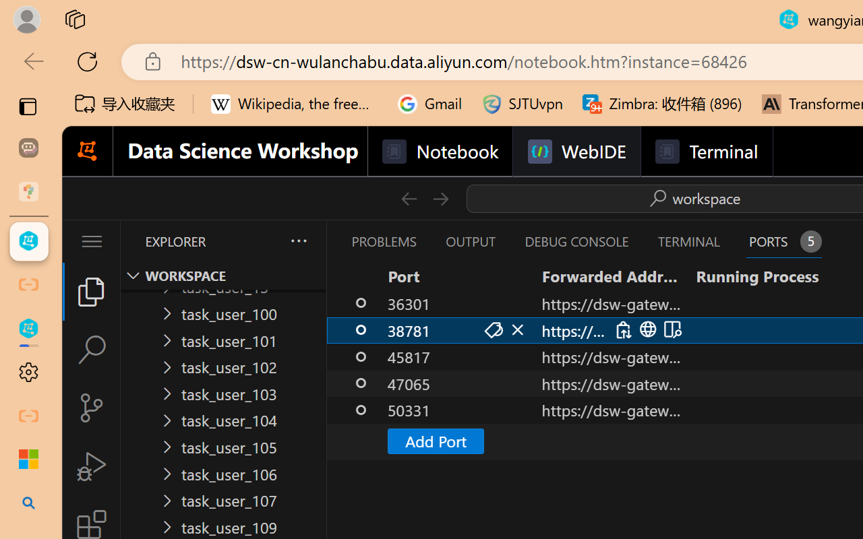  Describe the element at coordinates (90, 466) in the screenshot. I see `'Run and Debug (Ctrl+Shift+D)'` at that location.